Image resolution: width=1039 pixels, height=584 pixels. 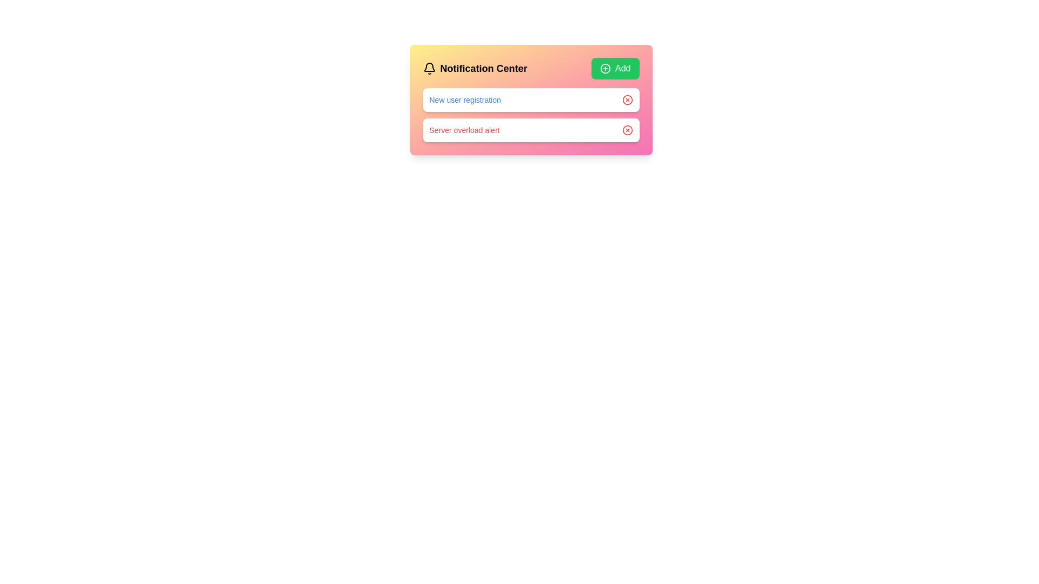 What do you see at coordinates (627, 129) in the screenshot?
I see `the interactive button` at bounding box center [627, 129].